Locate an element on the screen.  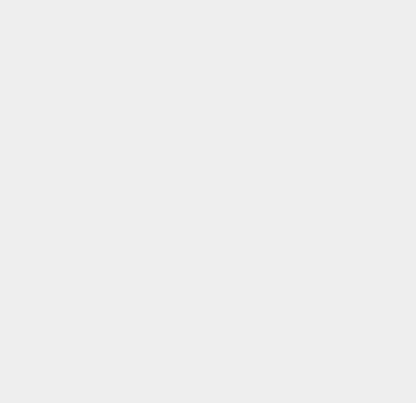
'FaceTime' is located at coordinates (305, 278).